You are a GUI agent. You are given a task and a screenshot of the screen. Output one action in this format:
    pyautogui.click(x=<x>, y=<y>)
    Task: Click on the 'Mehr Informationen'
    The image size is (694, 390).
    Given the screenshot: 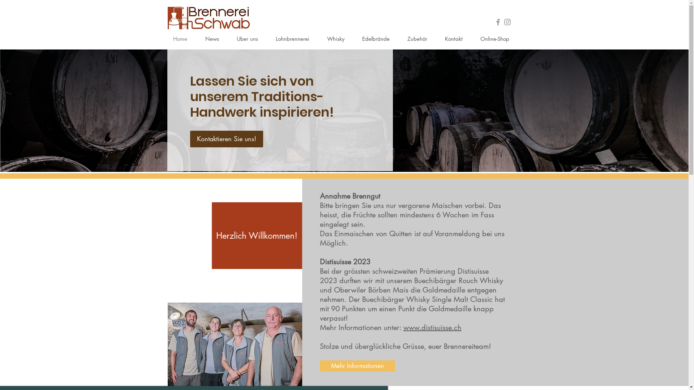 What is the action you would take?
    pyautogui.click(x=357, y=366)
    